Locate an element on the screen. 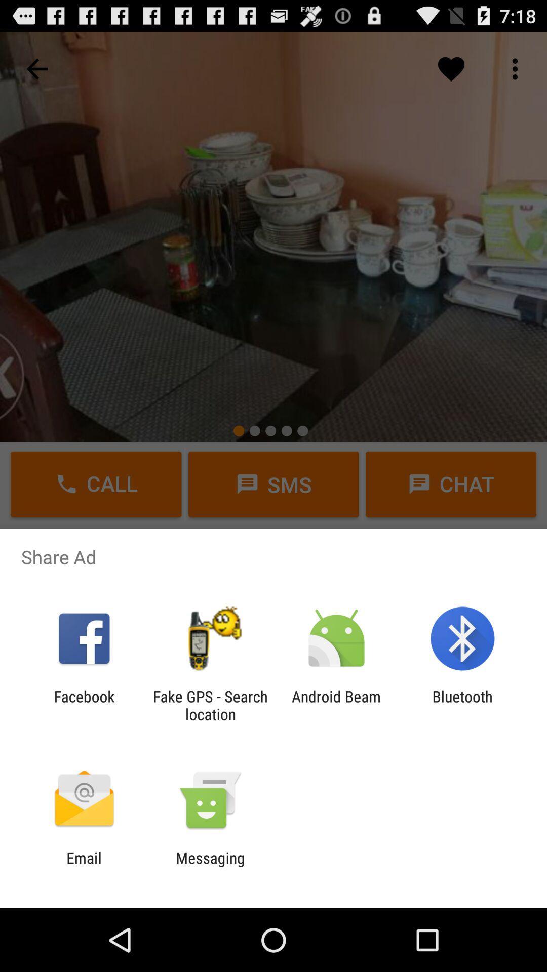 The height and width of the screenshot is (972, 547). the icon to the left of bluetooth icon is located at coordinates (336, 705).